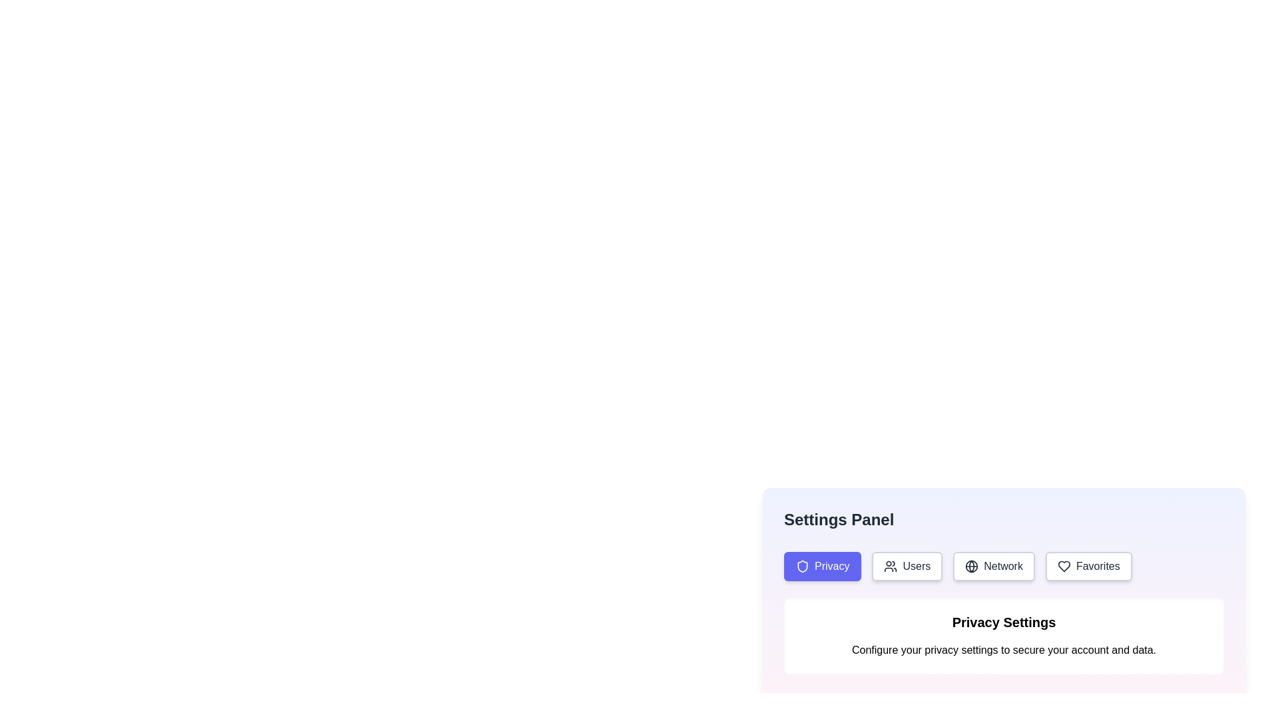 Image resolution: width=1278 pixels, height=719 pixels. I want to click on the shield-shaped icon with a blue fill and white outline located within the 'Privacy' button in the settings panel, so click(801, 567).